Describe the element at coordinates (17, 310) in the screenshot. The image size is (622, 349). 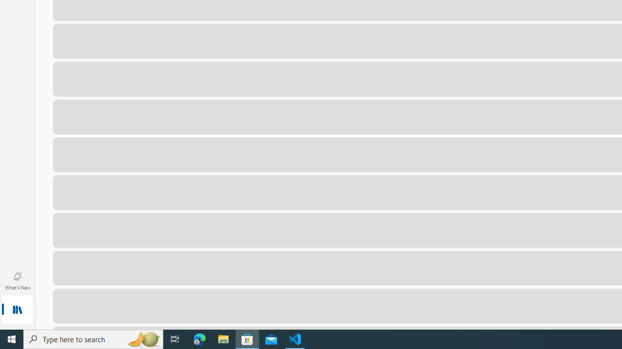
I see `'Library'` at that location.